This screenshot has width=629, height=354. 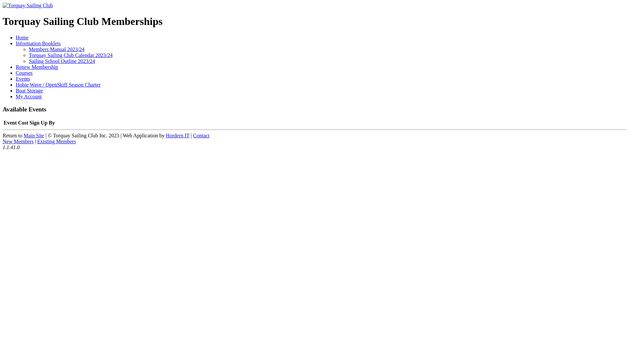 What do you see at coordinates (3, 141) in the screenshot?
I see `'New Members'` at bounding box center [3, 141].